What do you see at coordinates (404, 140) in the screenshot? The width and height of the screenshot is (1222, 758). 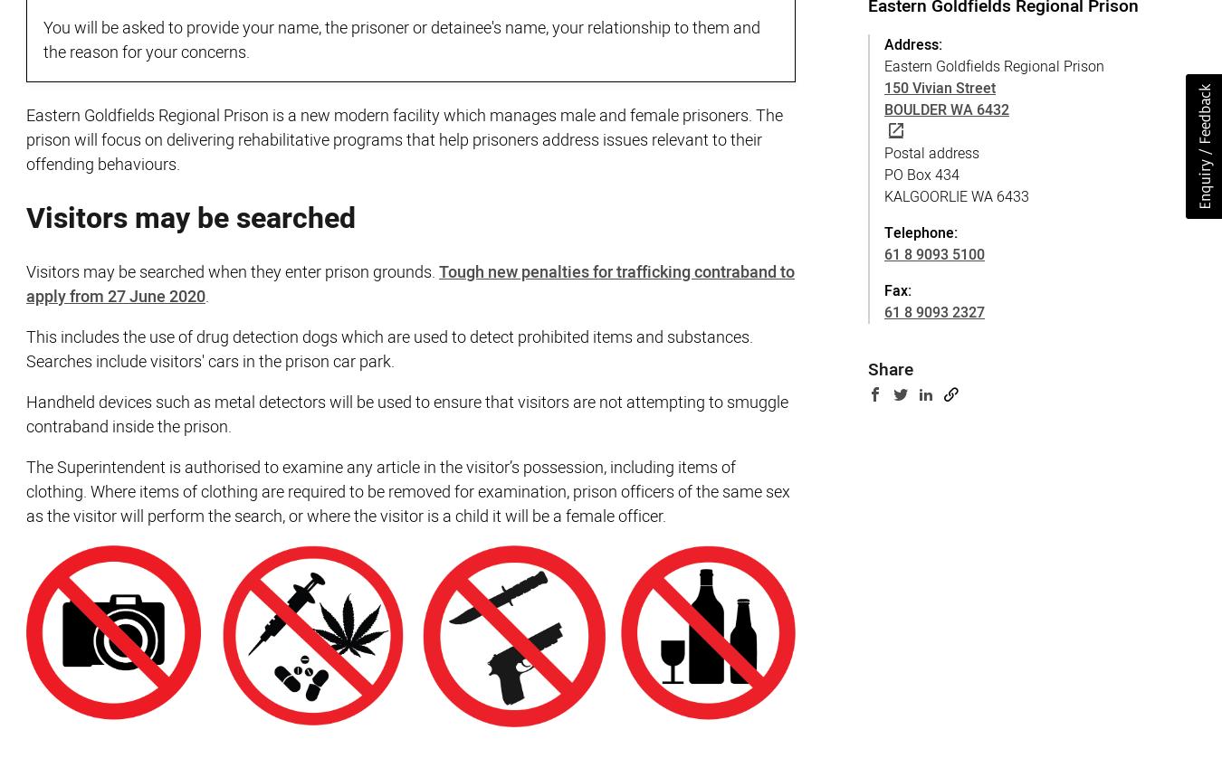 I see `'Eastern Goldfields Regional Prison is a new modern facility which manages male and female prisoners. The prison will focus on delivering rehabilitative programs that help prisoners address issues relevant to their offending behaviours.'` at bounding box center [404, 140].